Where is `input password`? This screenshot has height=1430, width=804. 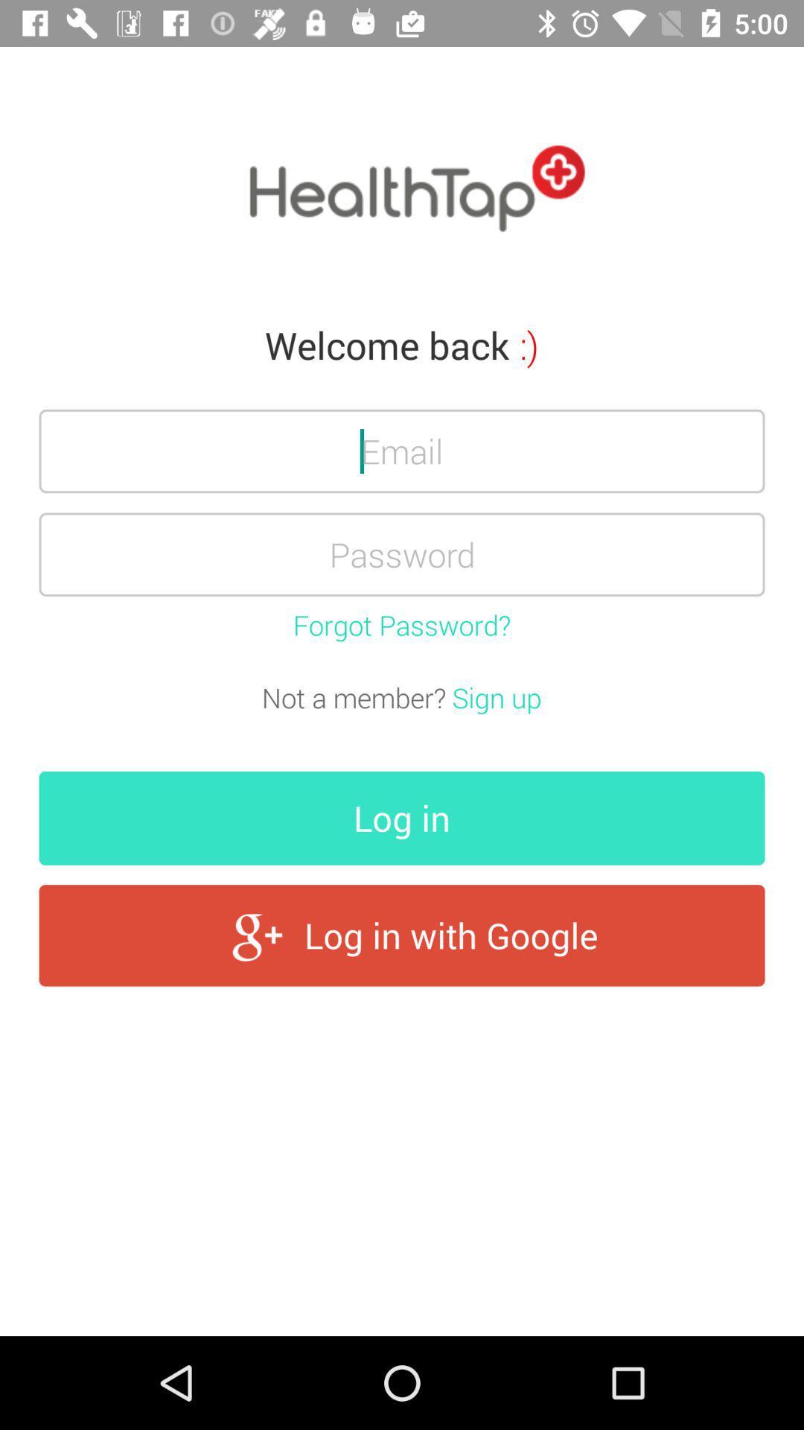
input password is located at coordinates (402, 553).